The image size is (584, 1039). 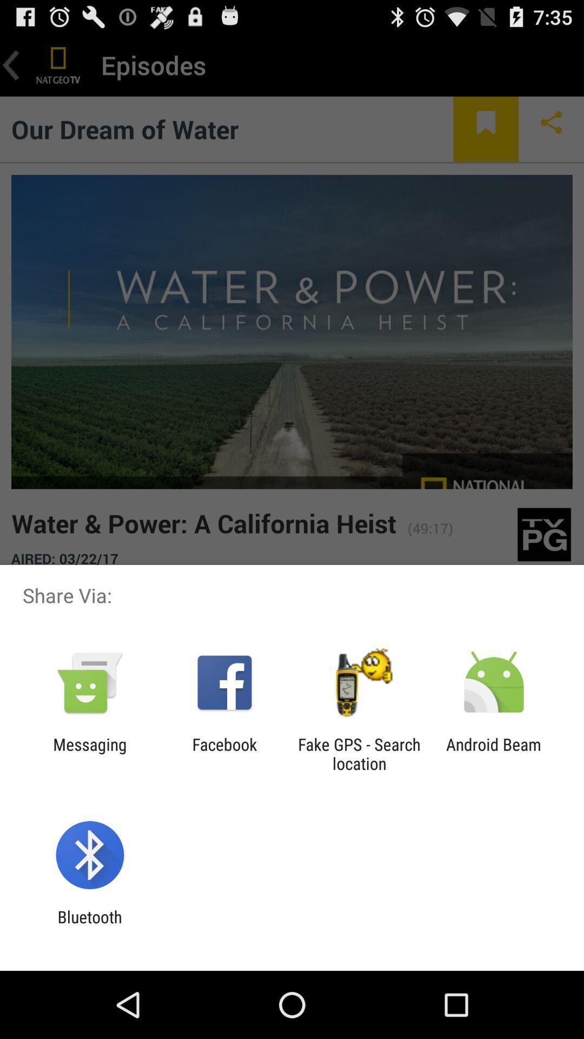 What do you see at coordinates (89, 753) in the screenshot?
I see `icon to the left of the facebook item` at bounding box center [89, 753].